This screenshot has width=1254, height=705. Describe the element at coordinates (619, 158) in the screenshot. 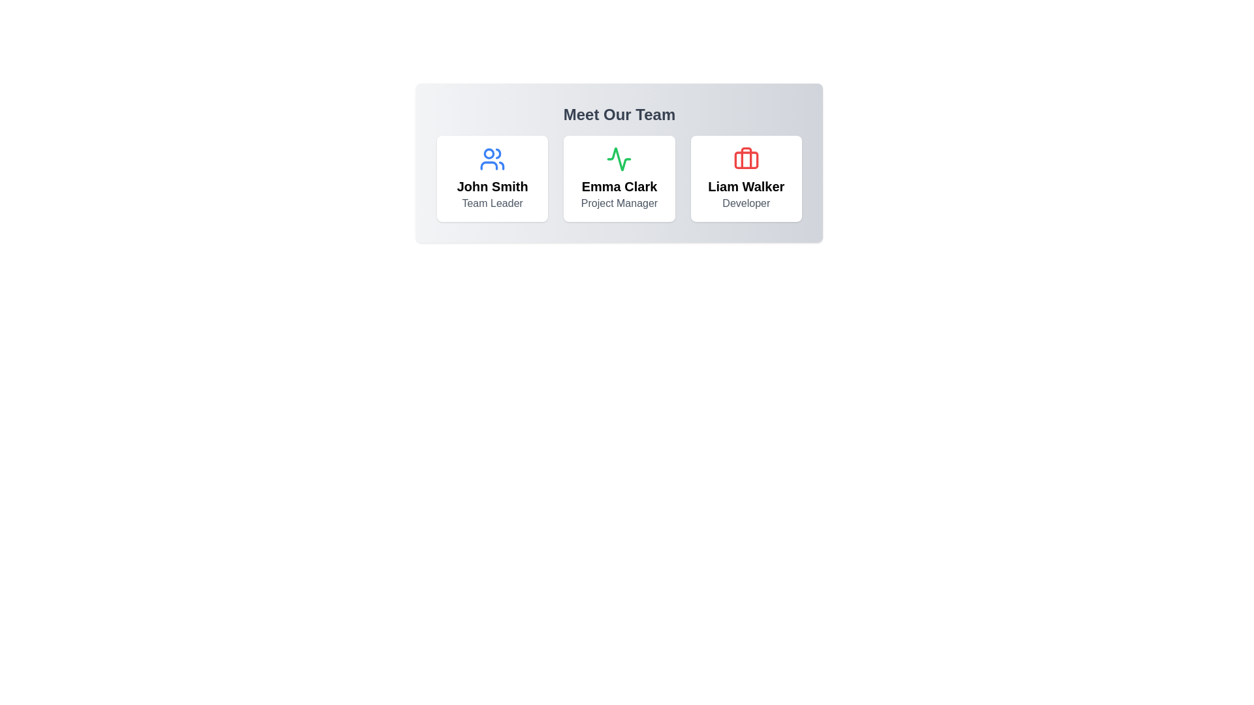

I see `the green heartbeat icon located at the center of the middle card under the 'Meet Our Team' heading` at that location.